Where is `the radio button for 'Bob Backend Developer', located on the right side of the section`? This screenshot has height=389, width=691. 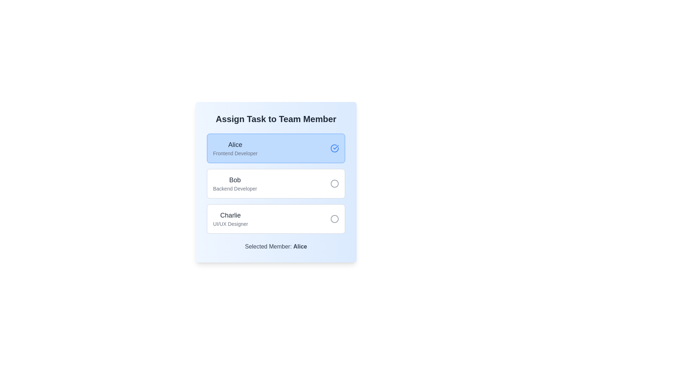
the radio button for 'Bob Backend Developer', located on the right side of the section is located at coordinates (334, 183).